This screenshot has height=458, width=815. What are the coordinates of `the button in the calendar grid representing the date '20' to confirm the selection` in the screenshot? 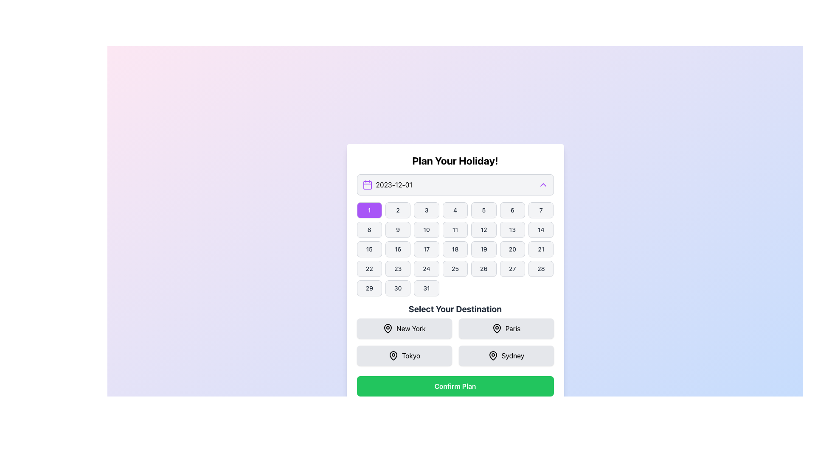 It's located at (512, 249).